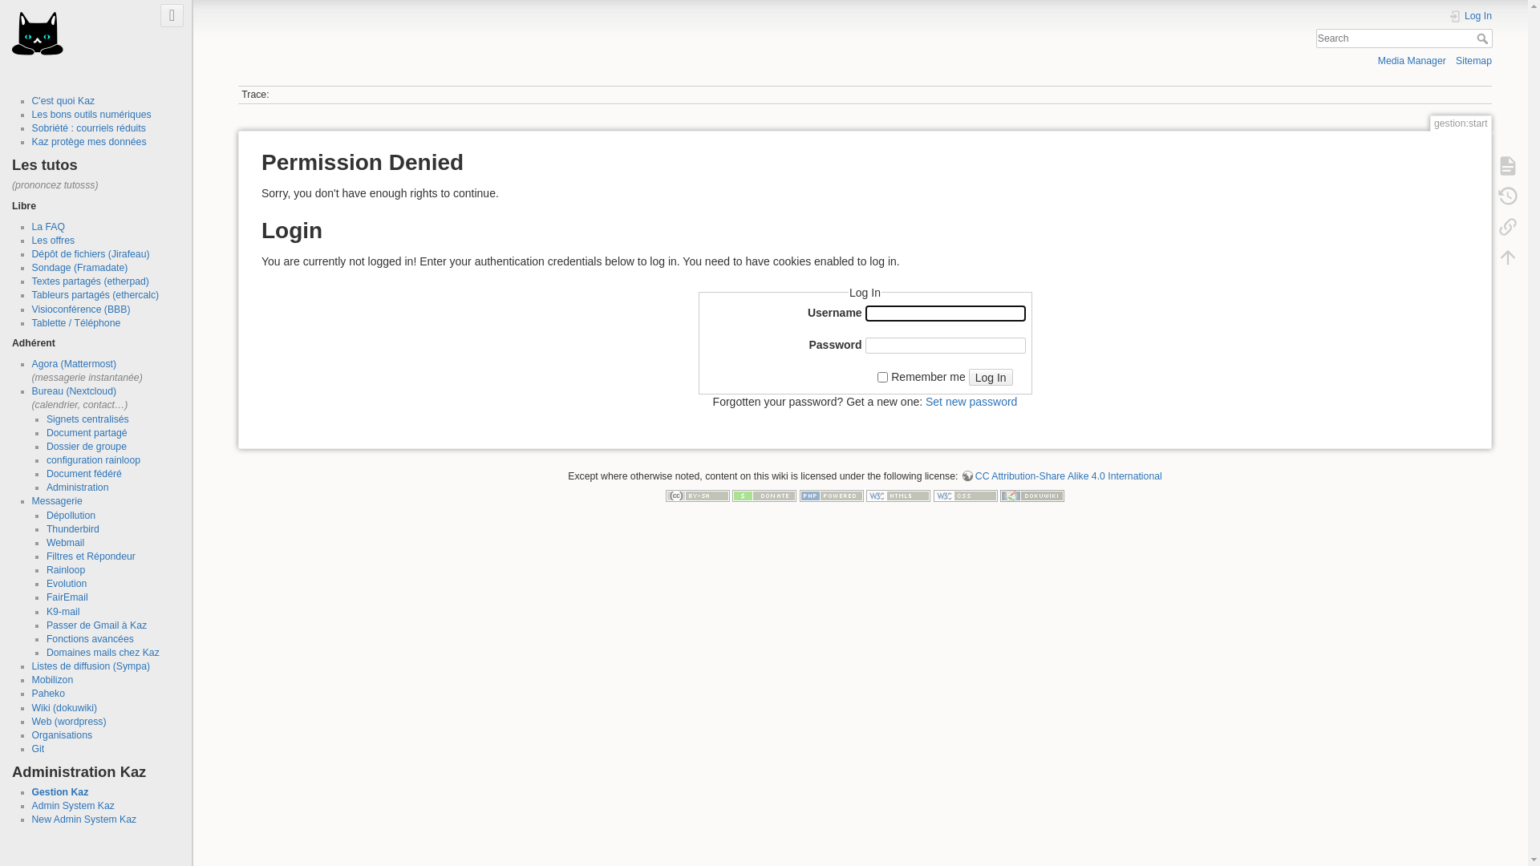  Describe the element at coordinates (999, 494) in the screenshot. I see `'Driven by DokuWiki'` at that location.